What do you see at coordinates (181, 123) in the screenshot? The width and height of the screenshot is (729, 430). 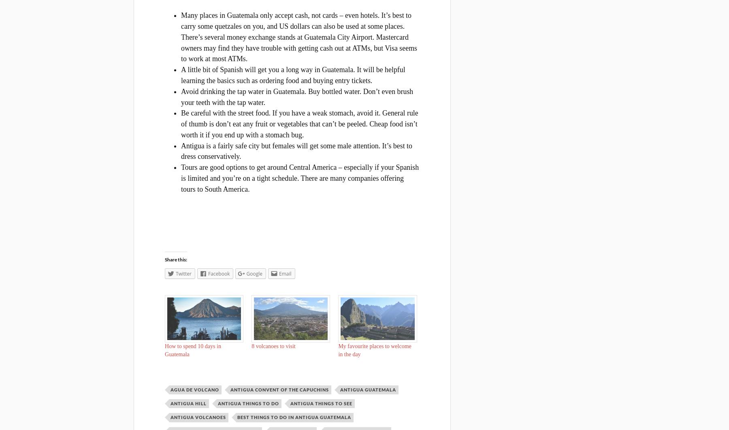 I see `'Be careful with the street food. If you have a weak stomach, avoid it. General rule of thumb is don’t eat any fruit or vegetables that can’t be peeled. Cheap food isn’t worth it if you end up with a stomach bug.'` at bounding box center [181, 123].